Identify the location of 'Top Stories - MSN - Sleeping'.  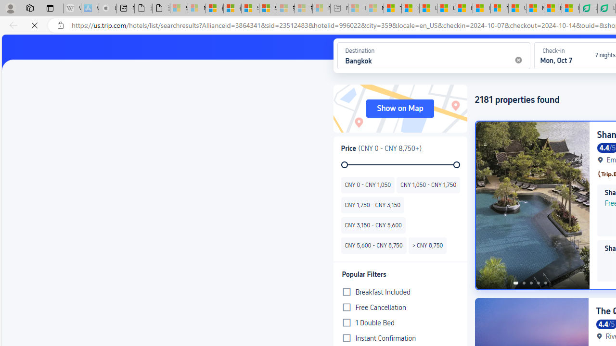
(357, 8).